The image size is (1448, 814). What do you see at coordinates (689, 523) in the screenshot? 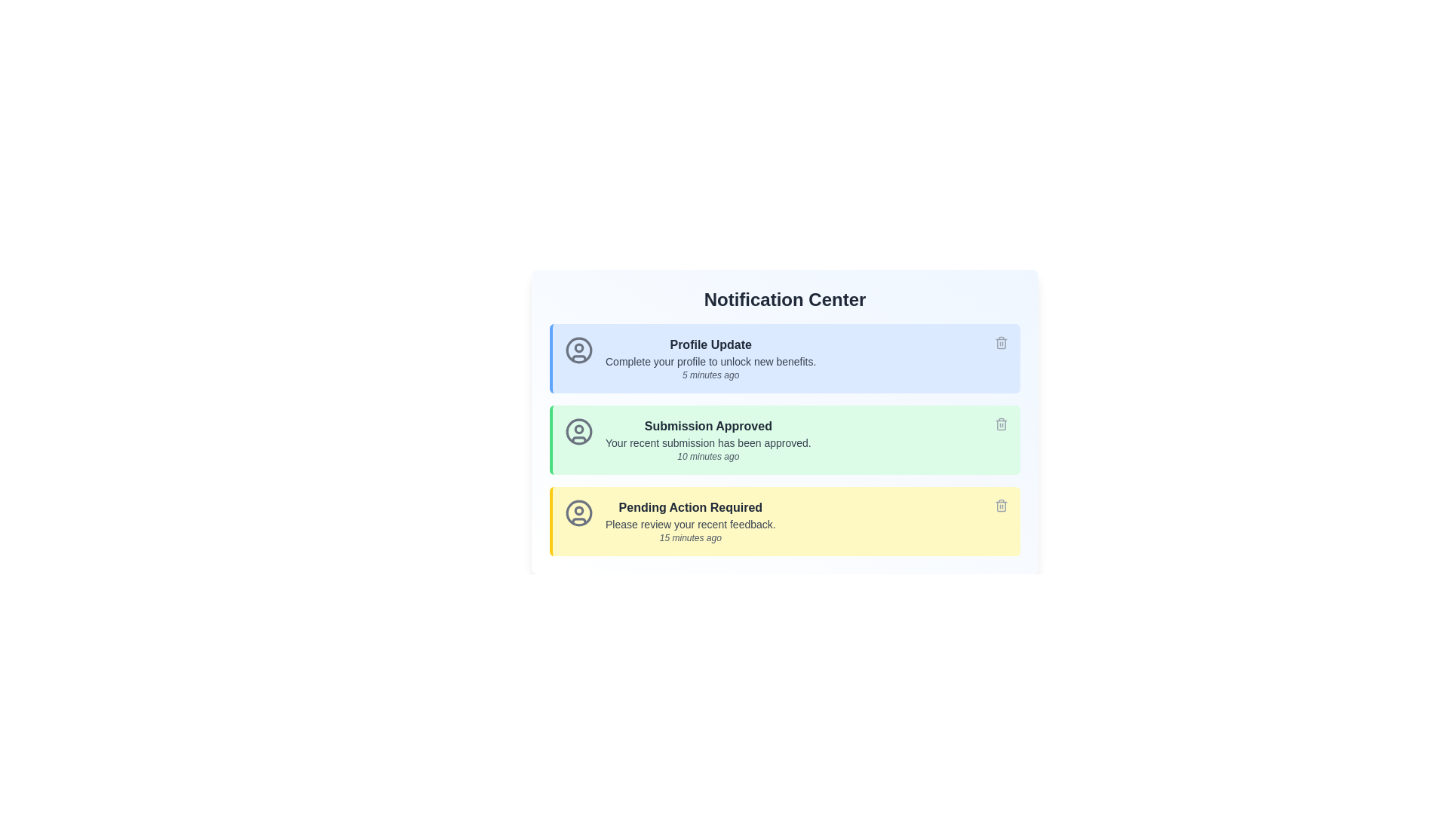
I see `secondary description text within the 'Pending Action Required' notification for additional details` at bounding box center [689, 523].